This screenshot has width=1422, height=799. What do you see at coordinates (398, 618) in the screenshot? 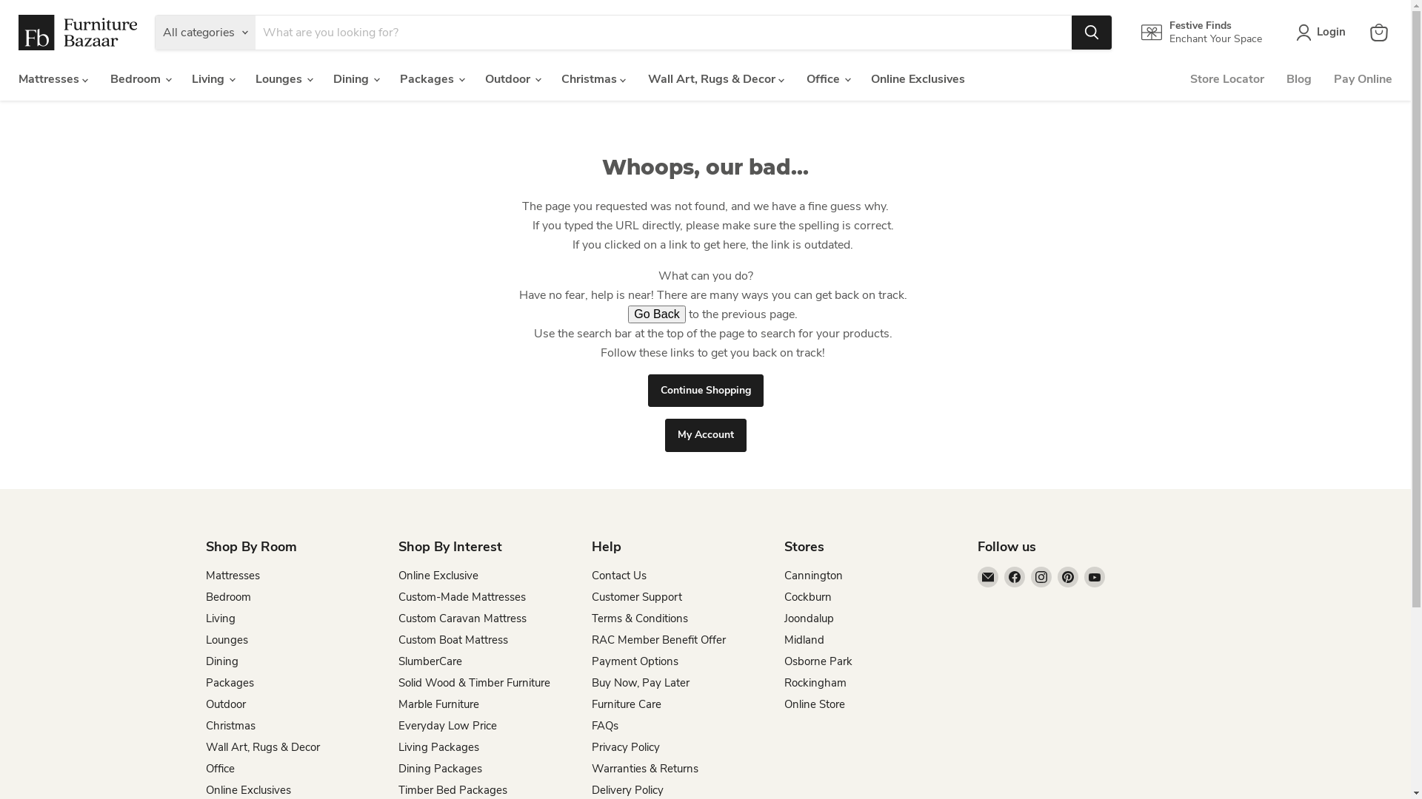
I see `'Custom Caravan Mattress'` at bounding box center [398, 618].